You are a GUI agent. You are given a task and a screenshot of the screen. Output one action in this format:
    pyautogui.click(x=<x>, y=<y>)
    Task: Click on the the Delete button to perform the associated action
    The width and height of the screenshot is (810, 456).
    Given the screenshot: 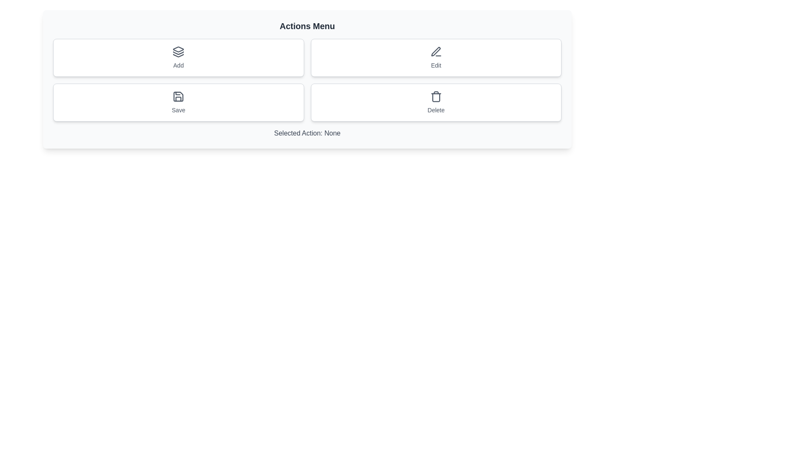 What is the action you would take?
    pyautogui.click(x=436, y=102)
    